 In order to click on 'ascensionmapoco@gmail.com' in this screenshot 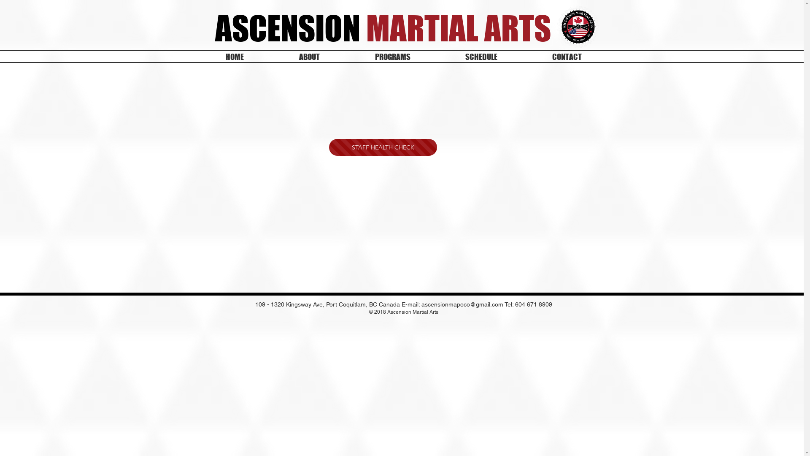, I will do `click(462, 304)`.